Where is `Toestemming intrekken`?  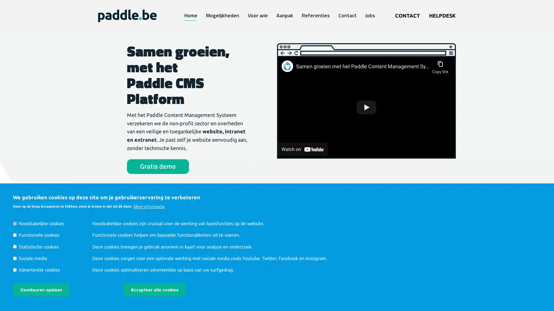 Toestemming intrekken is located at coordinates (209, 285).